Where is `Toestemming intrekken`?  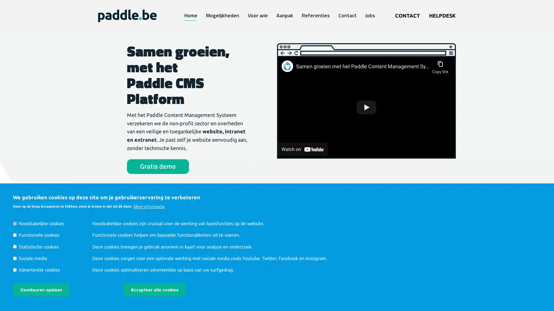 Toestemming intrekken is located at coordinates (209, 285).